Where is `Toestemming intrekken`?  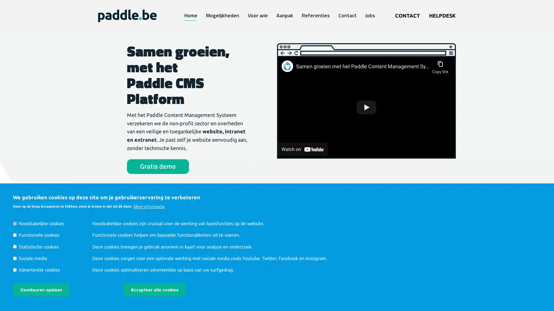 Toestemming intrekken is located at coordinates (209, 285).